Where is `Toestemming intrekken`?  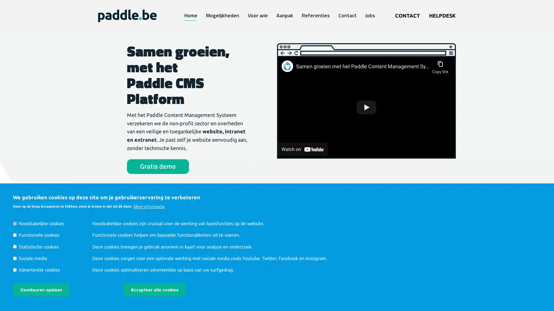 Toestemming intrekken is located at coordinates (209, 285).